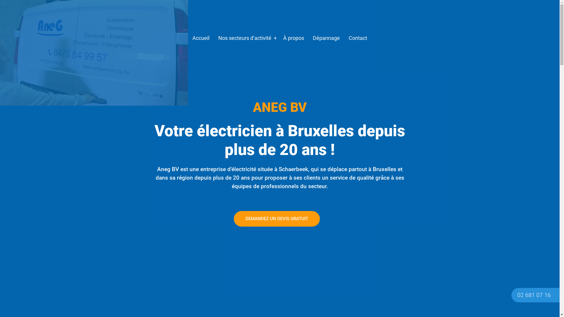 The image size is (564, 317). What do you see at coordinates (276, 219) in the screenshot?
I see `'DEMANDEZ UN DEVIS GRATUIT'` at bounding box center [276, 219].